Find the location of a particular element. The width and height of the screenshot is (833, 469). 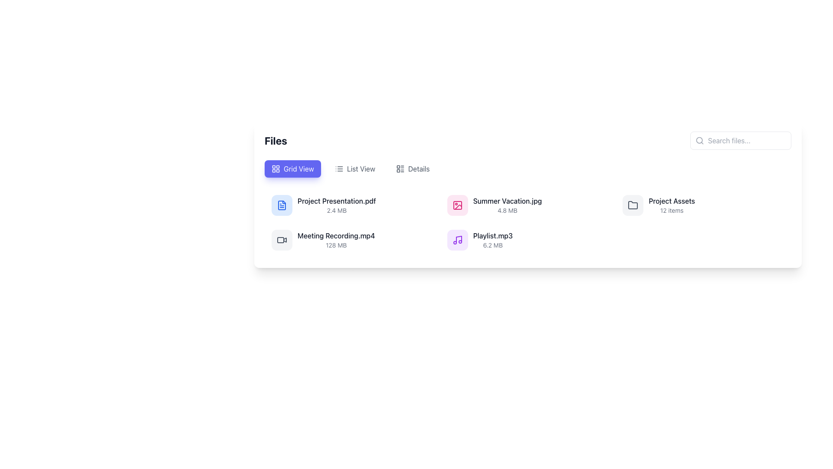

the file entry row located is located at coordinates (352, 240).